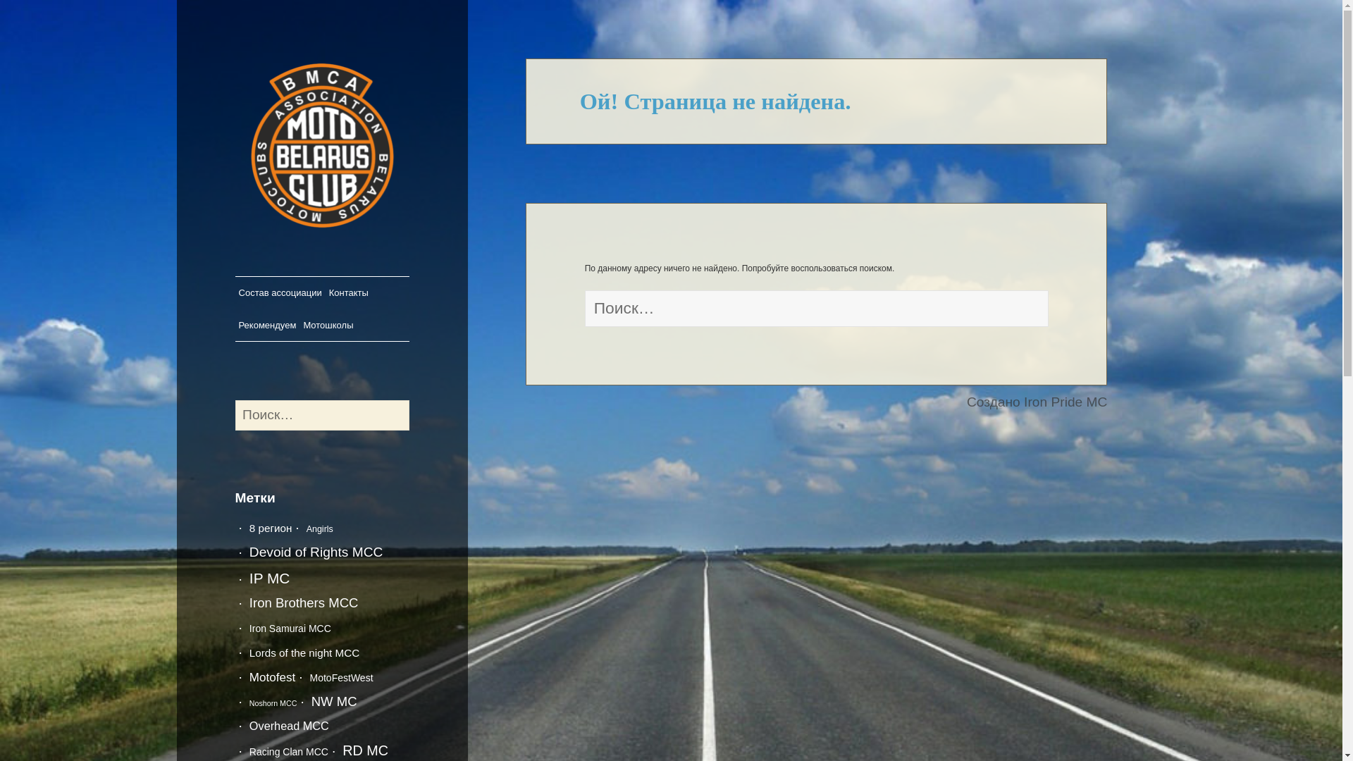  Describe the element at coordinates (249, 578) in the screenshot. I see `'IP MC'` at that location.